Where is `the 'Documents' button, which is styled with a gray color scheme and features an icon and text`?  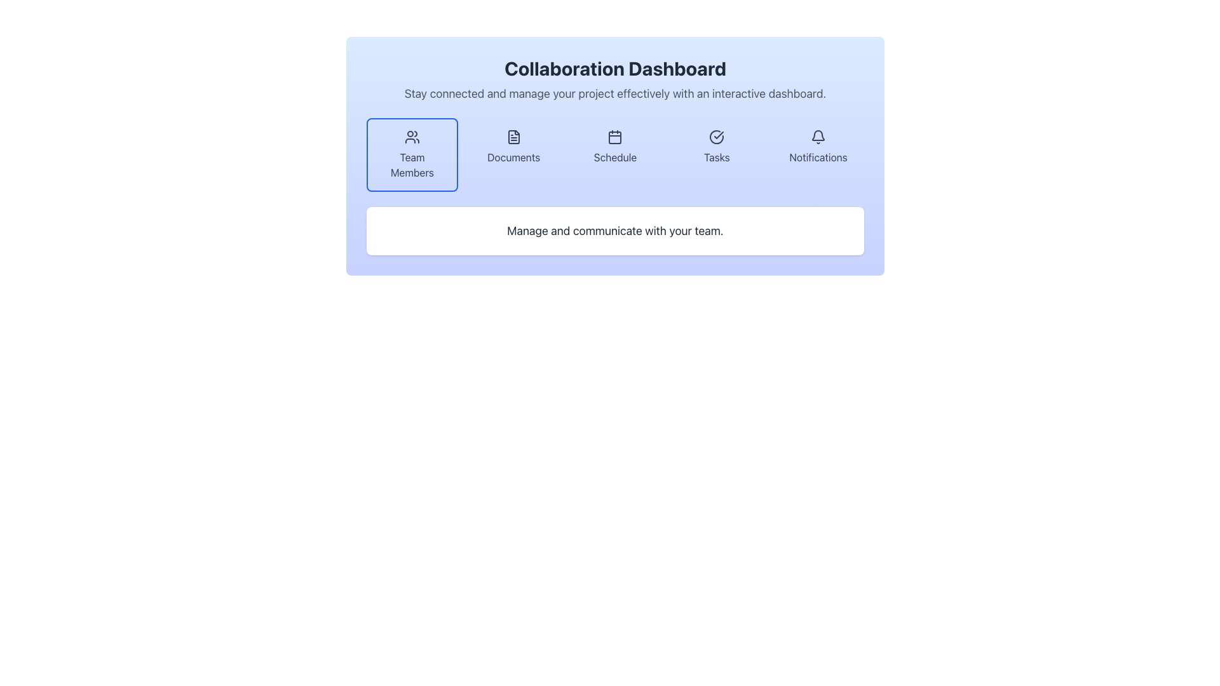 the 'Documents' button, which is styled with a gray color scheme and features an icon and text is located at coordinates (513, 154).